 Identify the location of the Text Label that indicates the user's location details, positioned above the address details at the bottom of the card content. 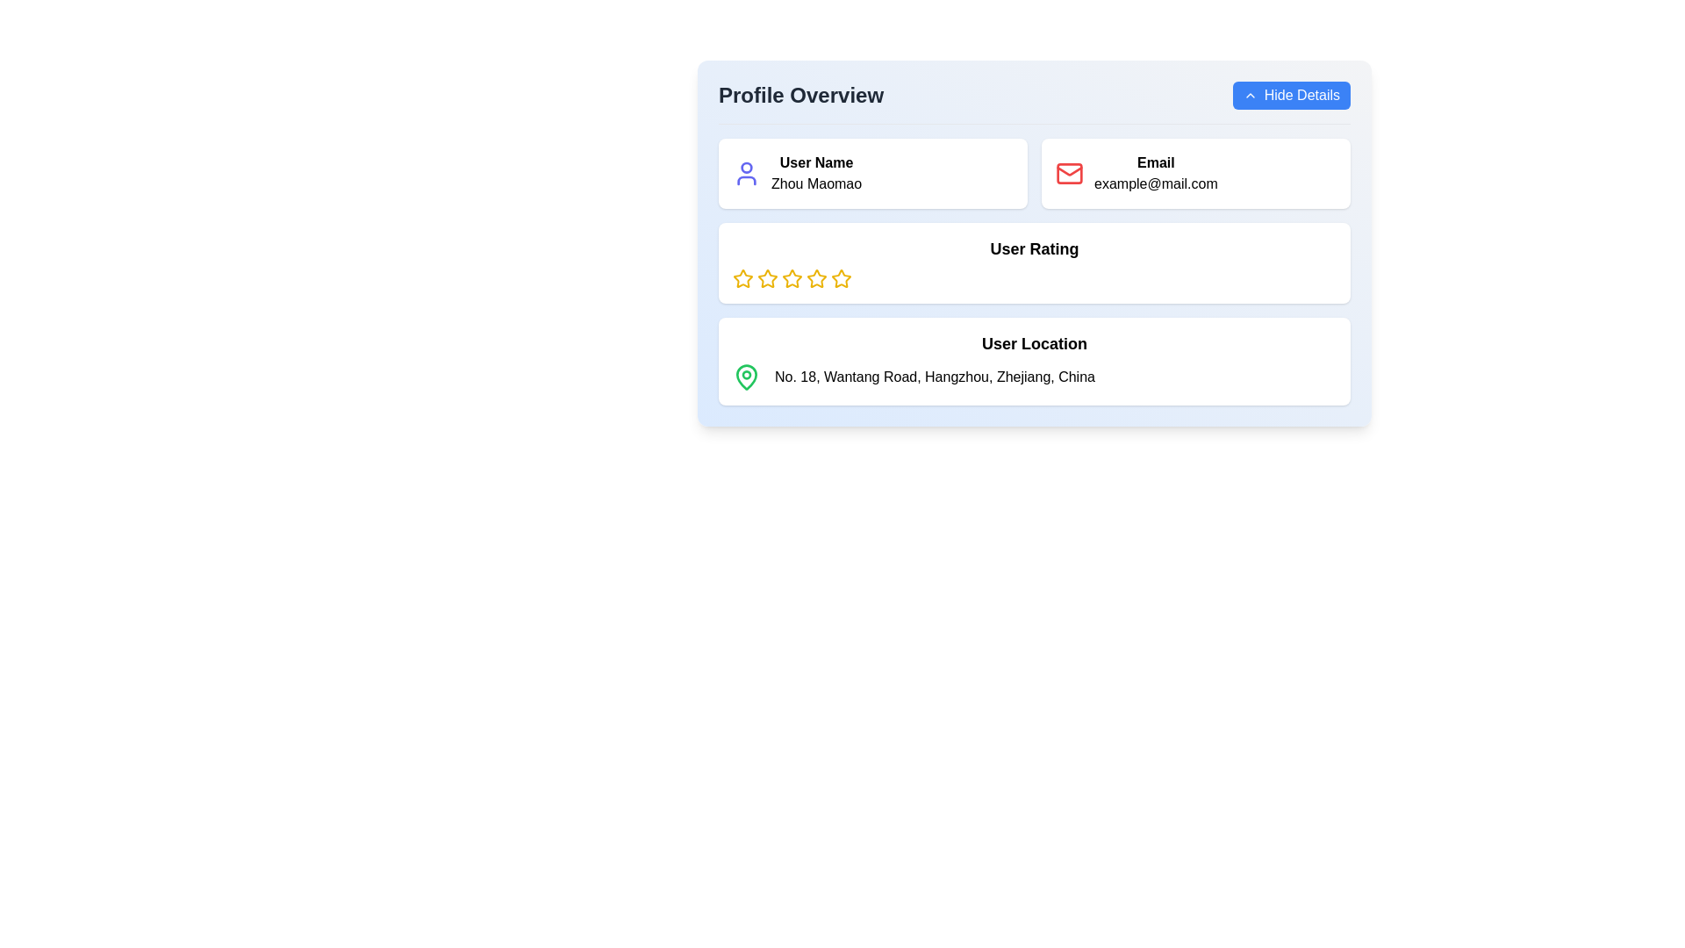
(1035, 344).